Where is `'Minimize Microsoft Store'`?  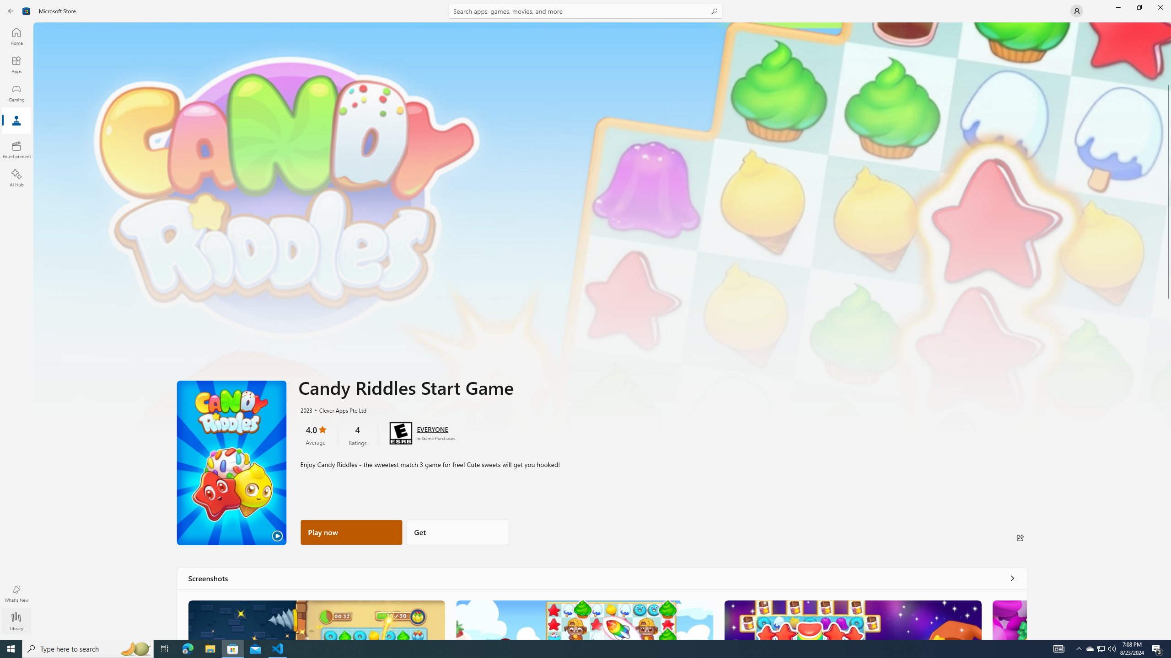 'Minimize Microsoft Store' is located at coordinates (1117, 7).